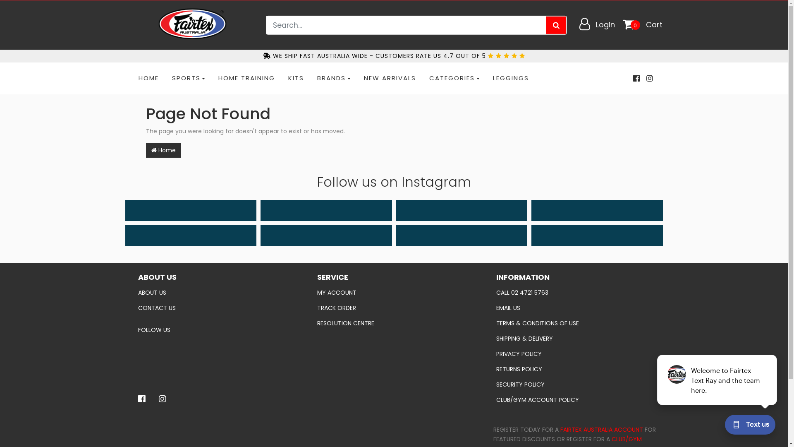 The image size is (794, 447). What do you see at coordinates (648, 78) in the screenshot?
I see `'Fairtex Australia on Instagram'` at bounding box center [648, 78].